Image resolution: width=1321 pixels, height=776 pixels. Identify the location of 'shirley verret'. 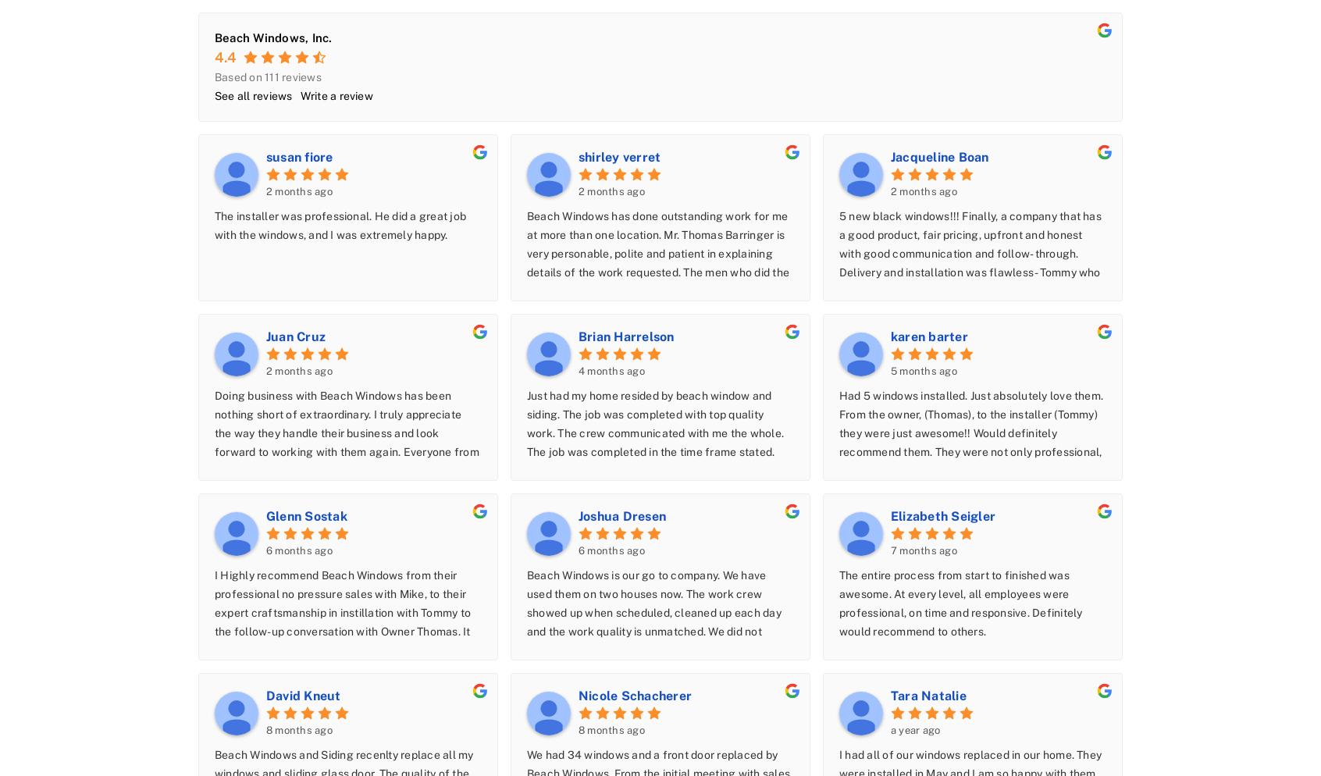
(577, 155).